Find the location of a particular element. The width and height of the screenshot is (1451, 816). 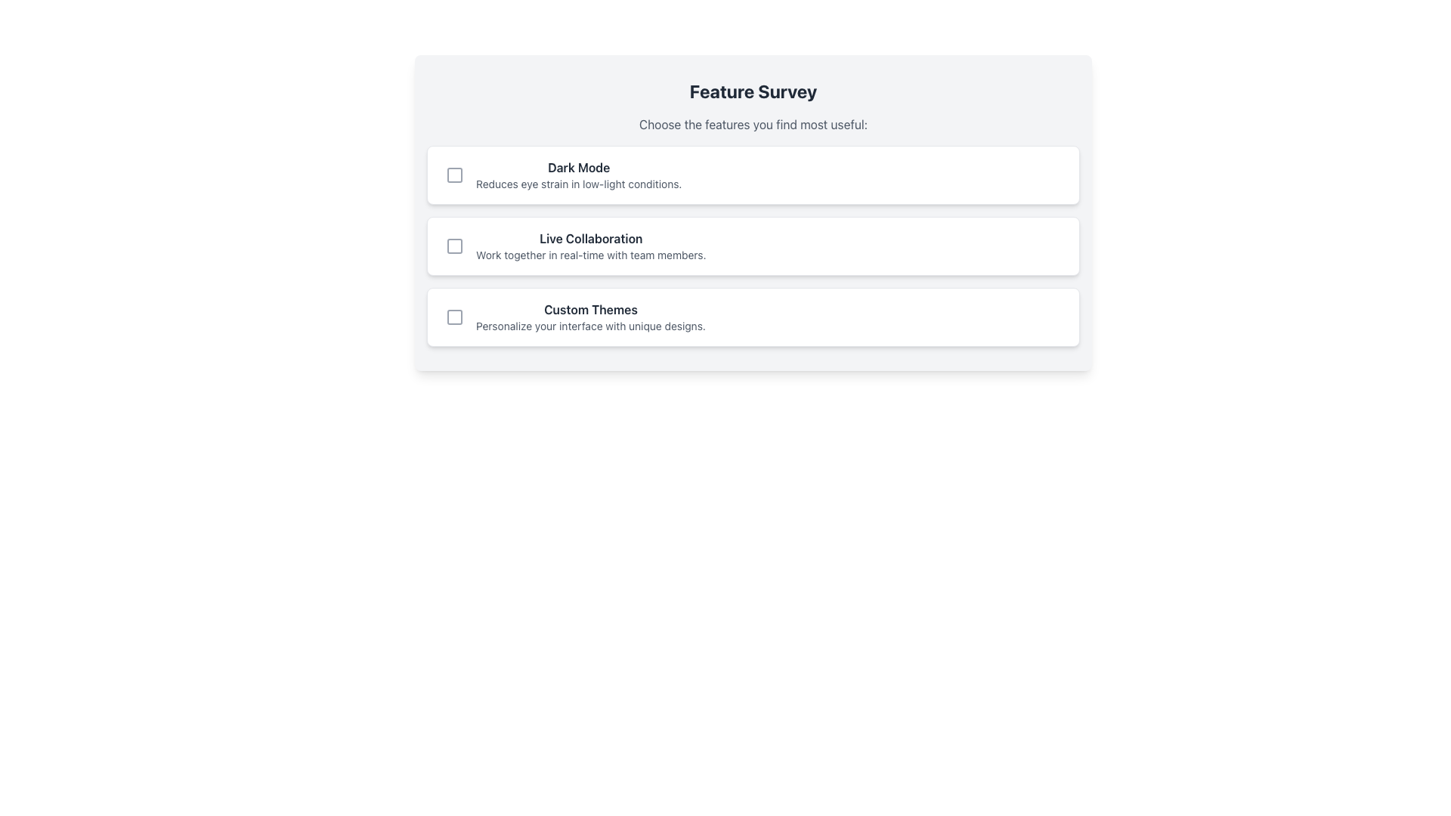

the Decorative graphic (SVG component) that represents the checkbox icon for the 'Dark Mode' option in the 'Feature Survey' section is located at coordinates (453, 174).